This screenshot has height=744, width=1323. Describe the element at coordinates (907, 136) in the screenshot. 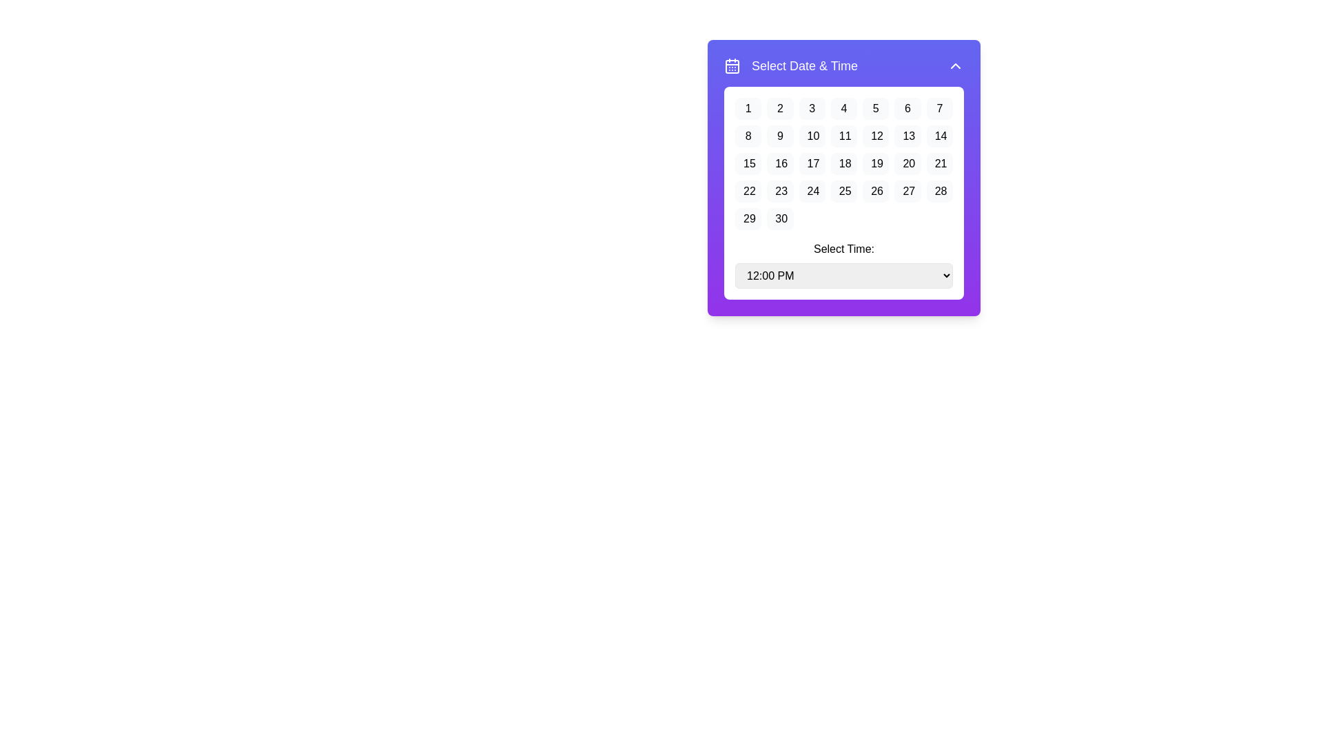

I see `the calendar day button that represents the date '13', which is the 6th item in the second row of the calendar interface` at that location.